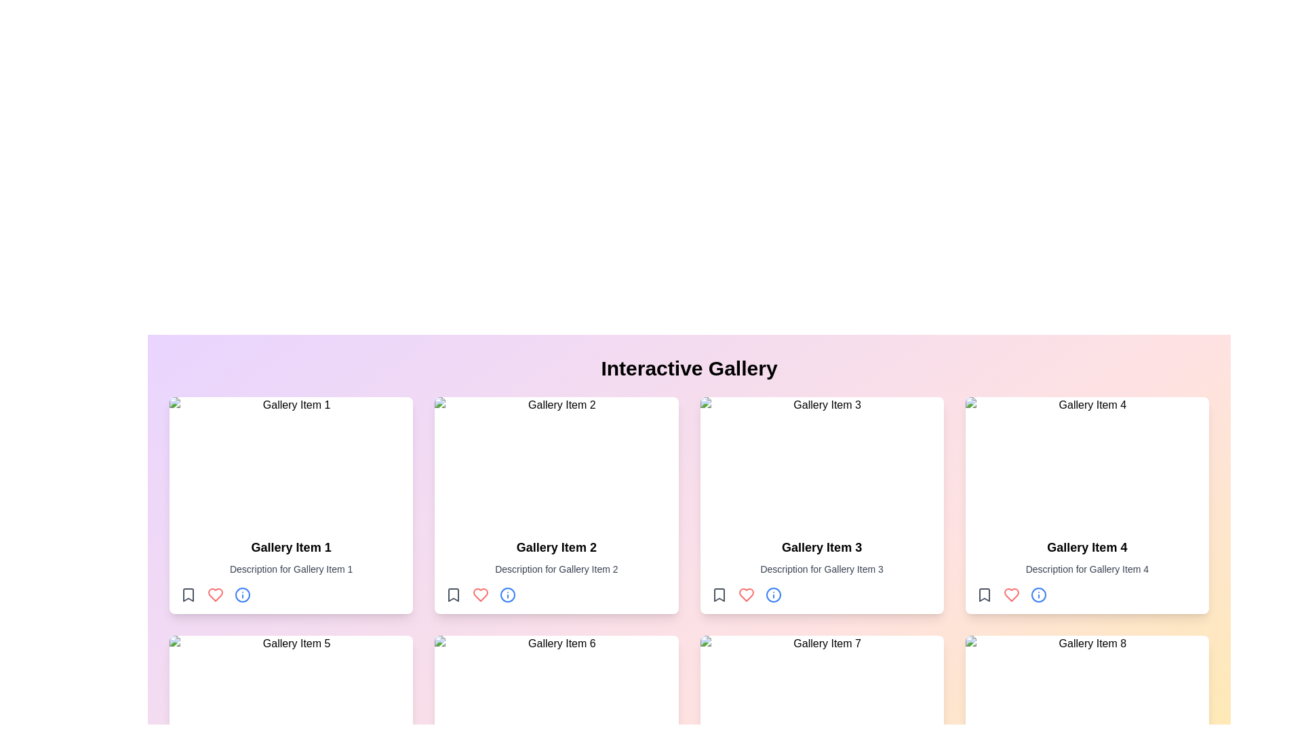  Describe the element at coordinates (1038, 594) in the screenshot. I see `the circular icon representing information or status located at the bottom center of the card for 'Gallery Item 4'` at that location.